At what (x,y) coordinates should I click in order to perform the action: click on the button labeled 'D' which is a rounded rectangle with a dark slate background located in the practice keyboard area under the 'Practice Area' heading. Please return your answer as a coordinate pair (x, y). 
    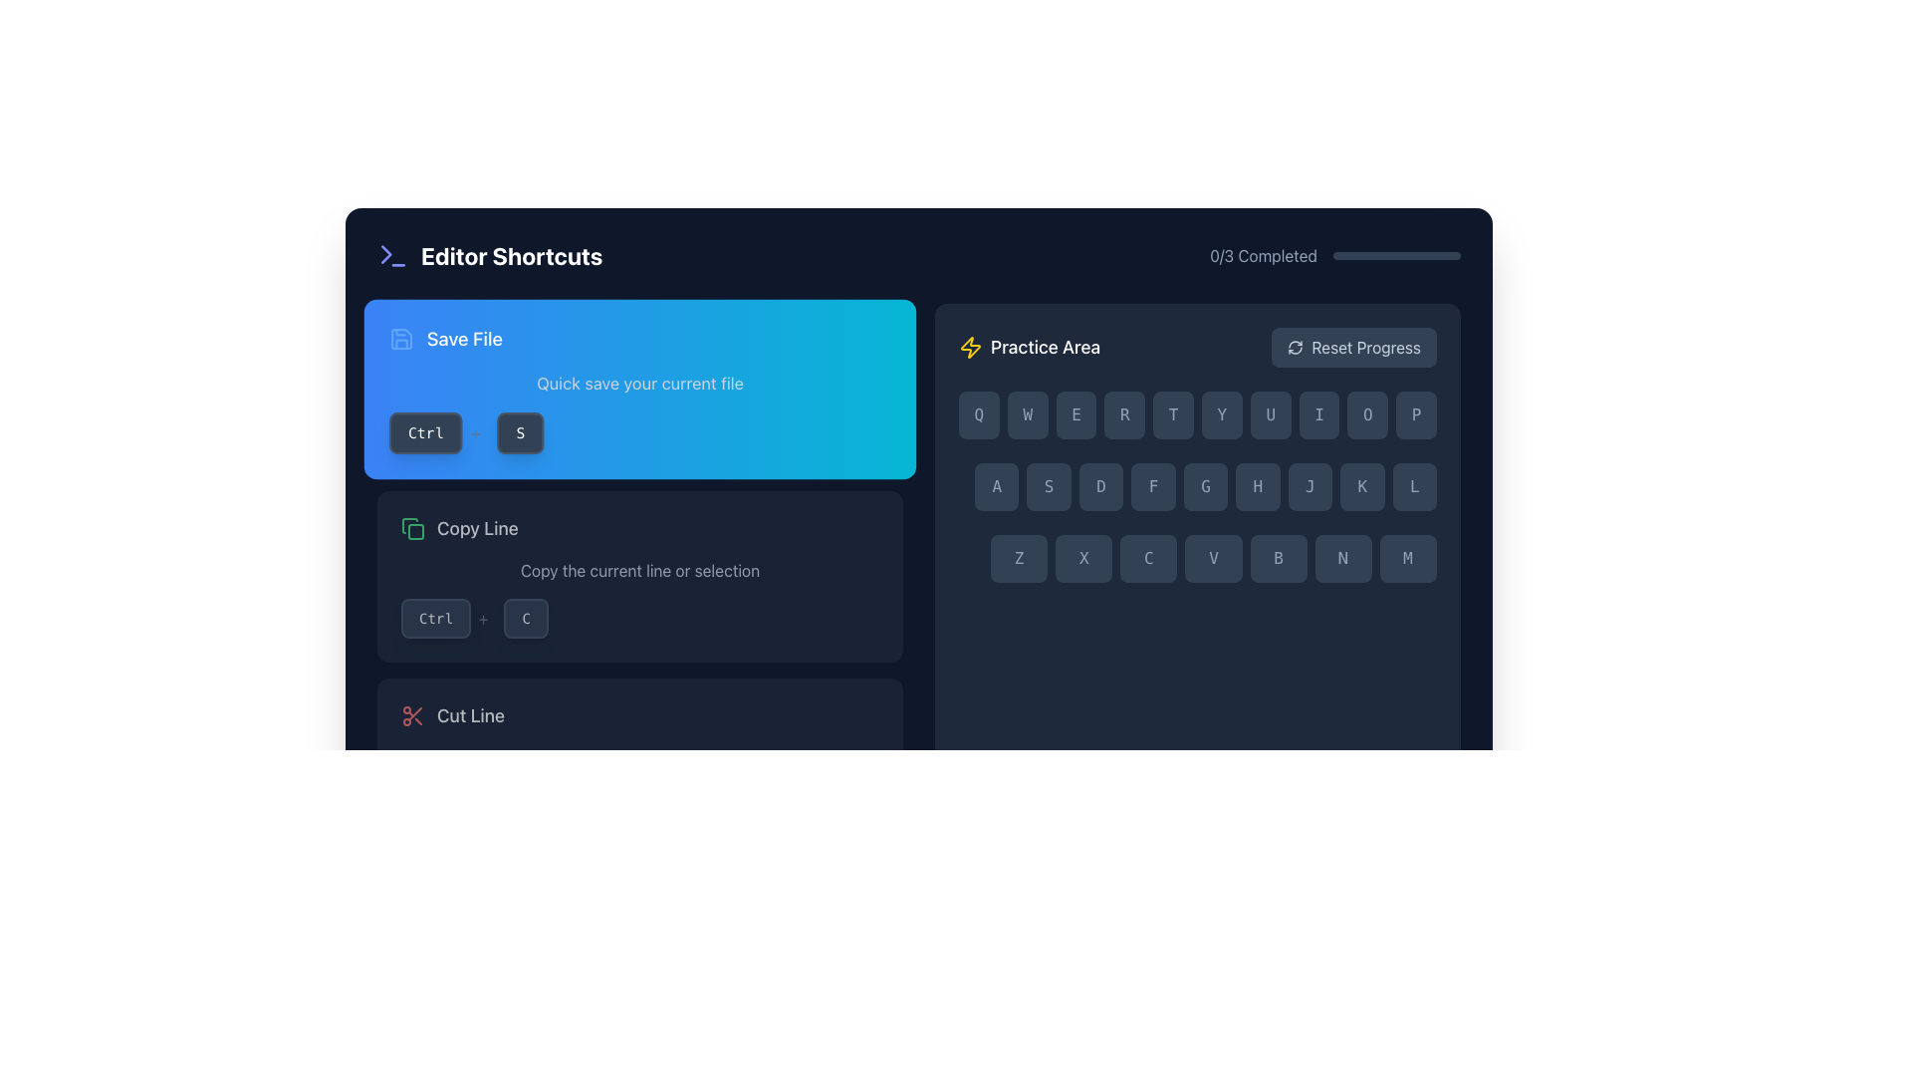
    Looking at the image, I should click on (1100, 487).